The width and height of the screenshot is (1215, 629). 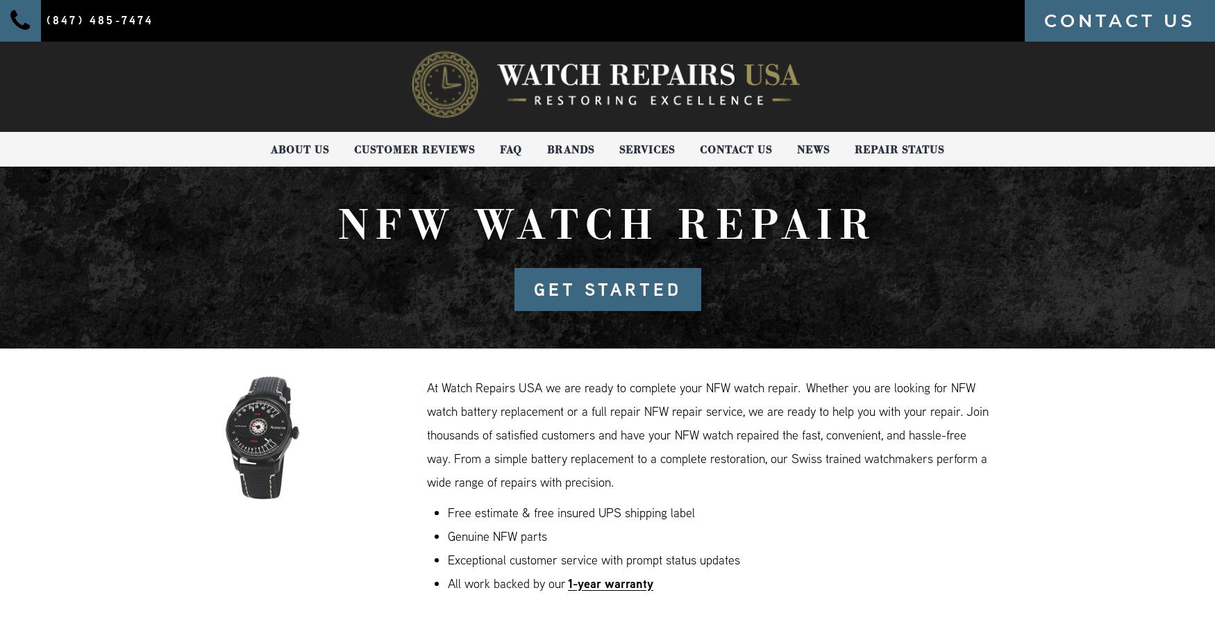 I want to click on 'News', so click(x=812, y=149).